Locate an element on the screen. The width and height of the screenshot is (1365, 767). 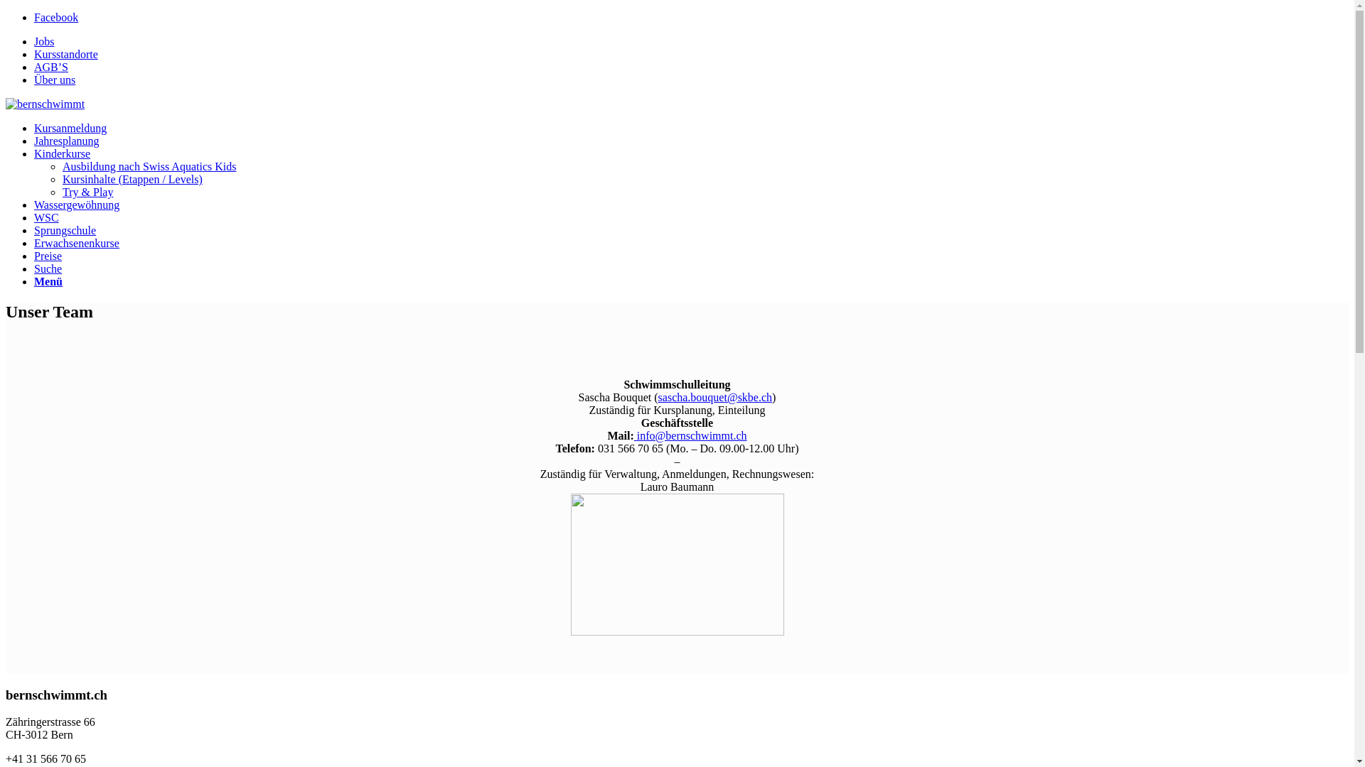
'Erwachsenenkurse' is located at coordinates (75, 242).